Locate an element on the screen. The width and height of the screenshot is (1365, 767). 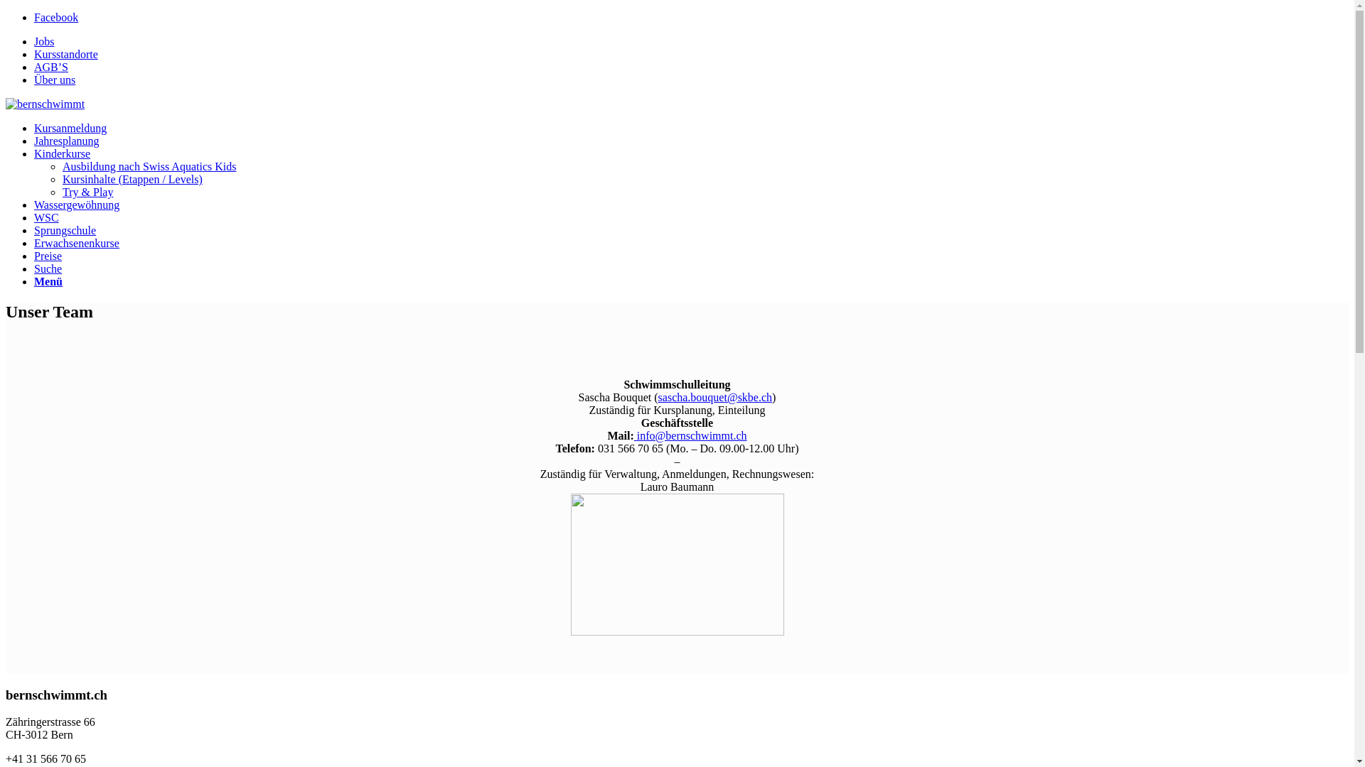
'Erwachsenenkurse' is located at coordinates (75, 242).